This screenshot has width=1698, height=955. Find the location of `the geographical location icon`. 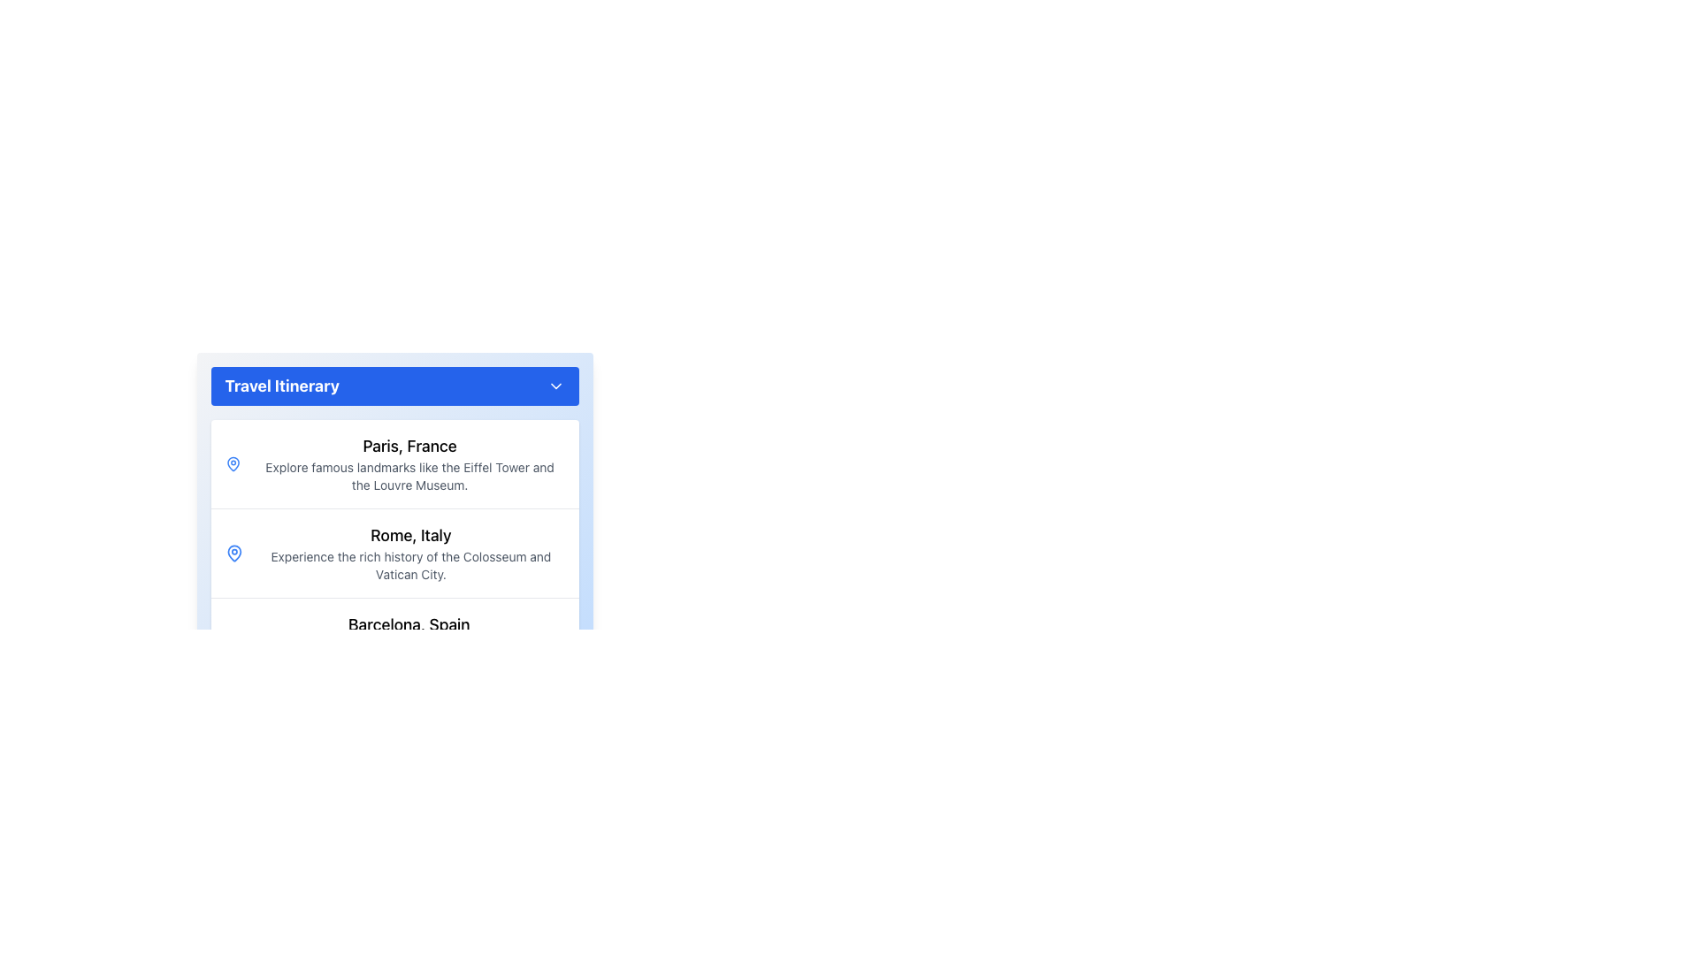

the geographical location icon is located at coordinates (232, 462).